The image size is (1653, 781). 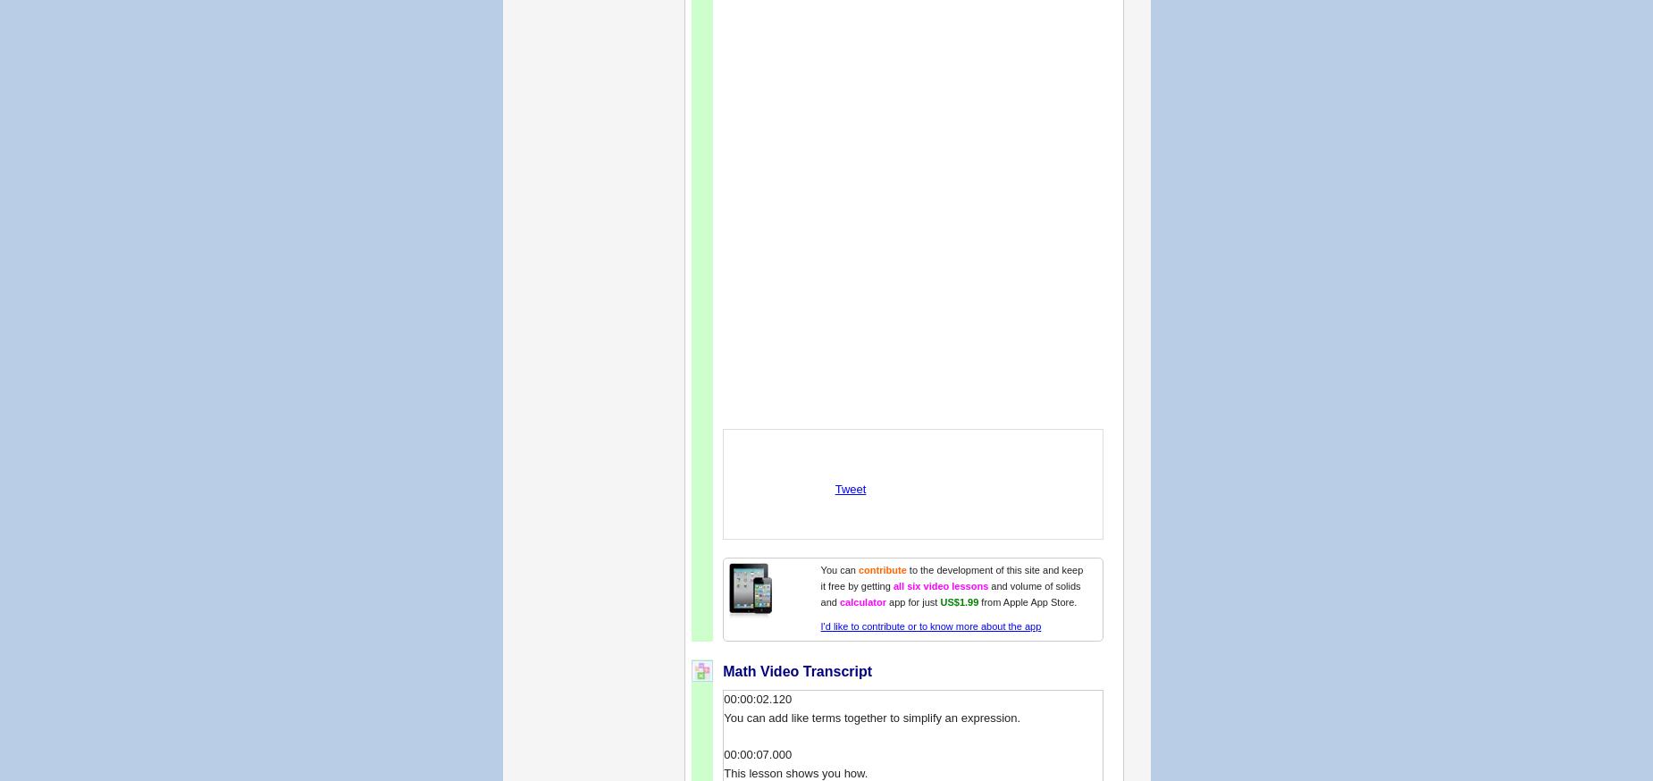 What do you see at coordinates (849, 488) in the screenshot?
I see `'Tweet'` at bounding box center [849, 488].